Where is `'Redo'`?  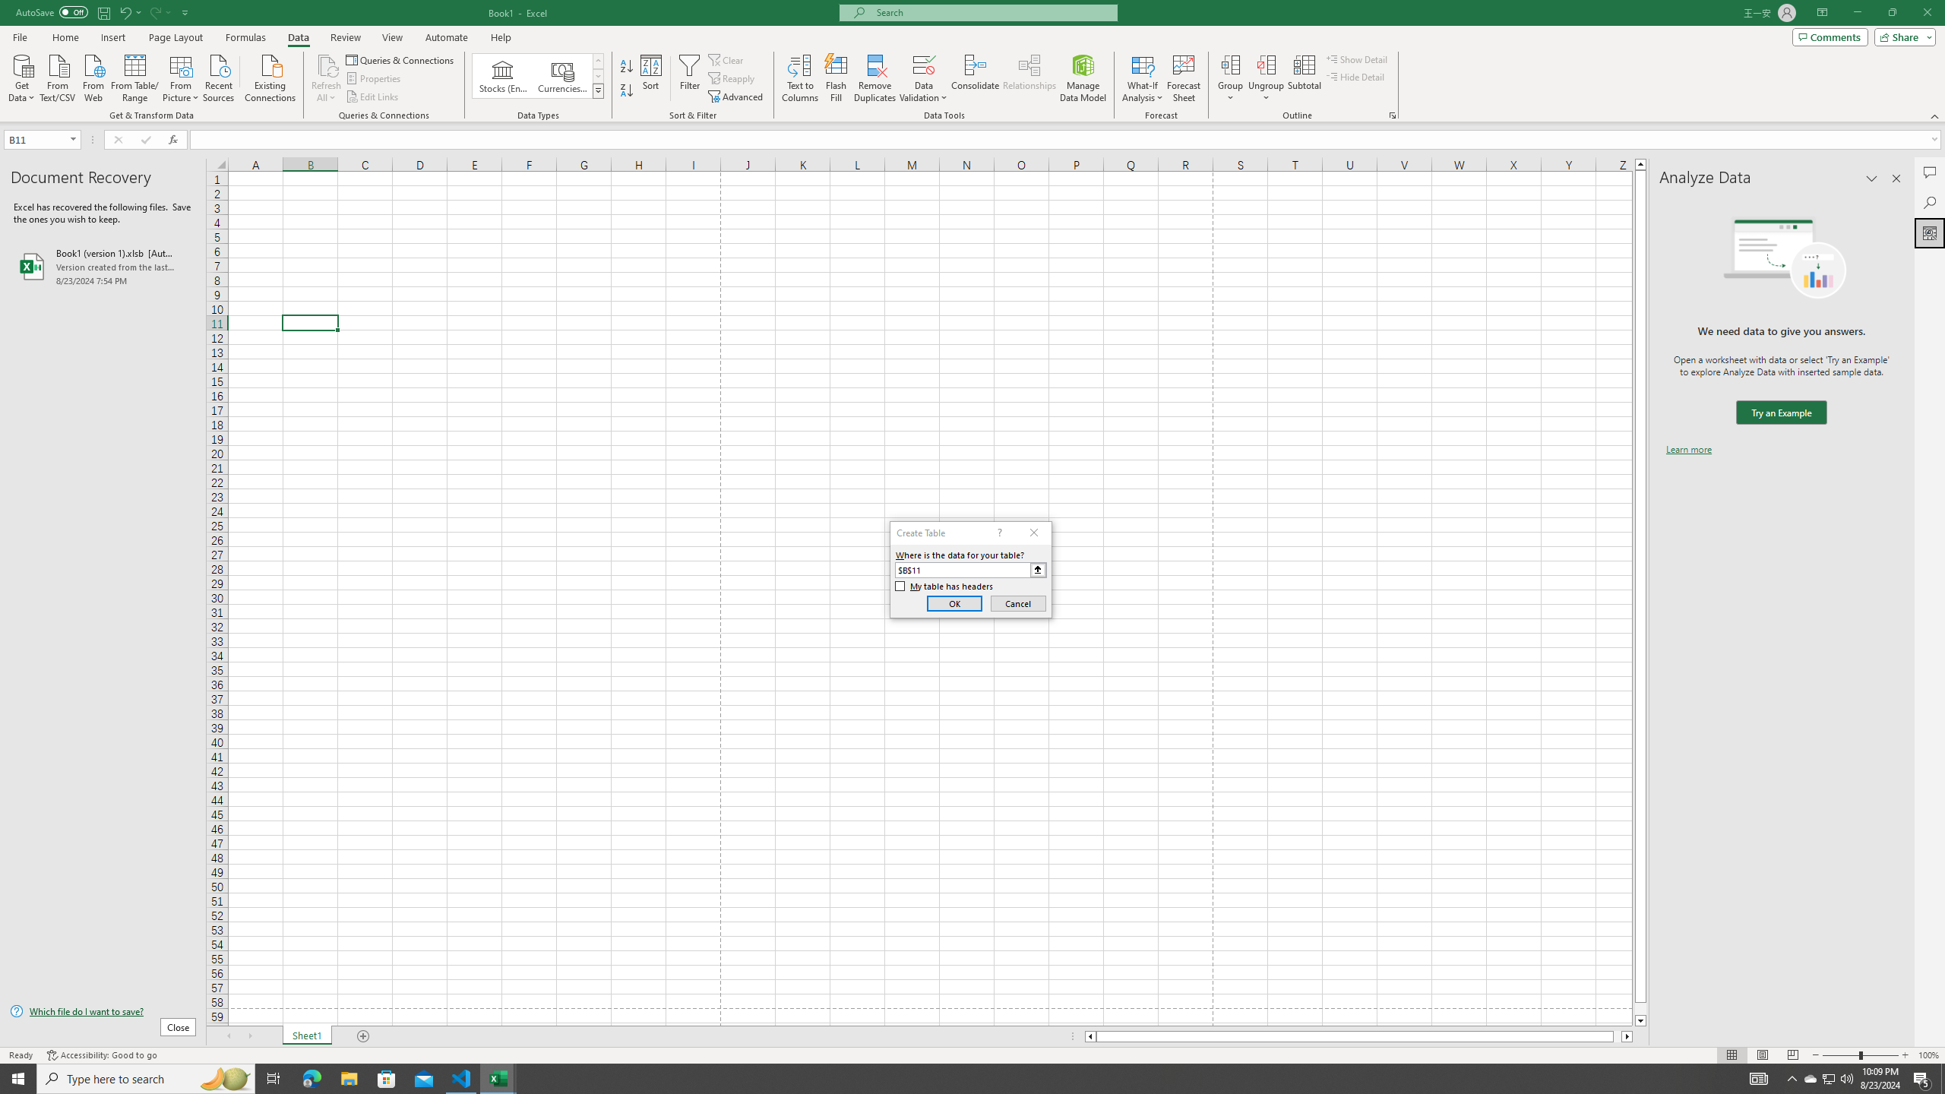 'Redo' is located at coordinates (158, 11).